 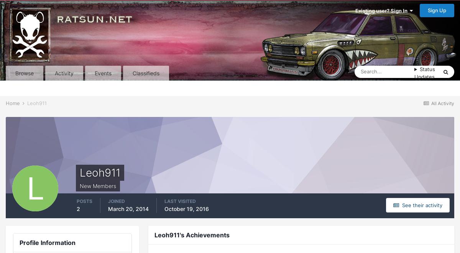 I want to click on 'Profile Information', so click(x=20, y=242).